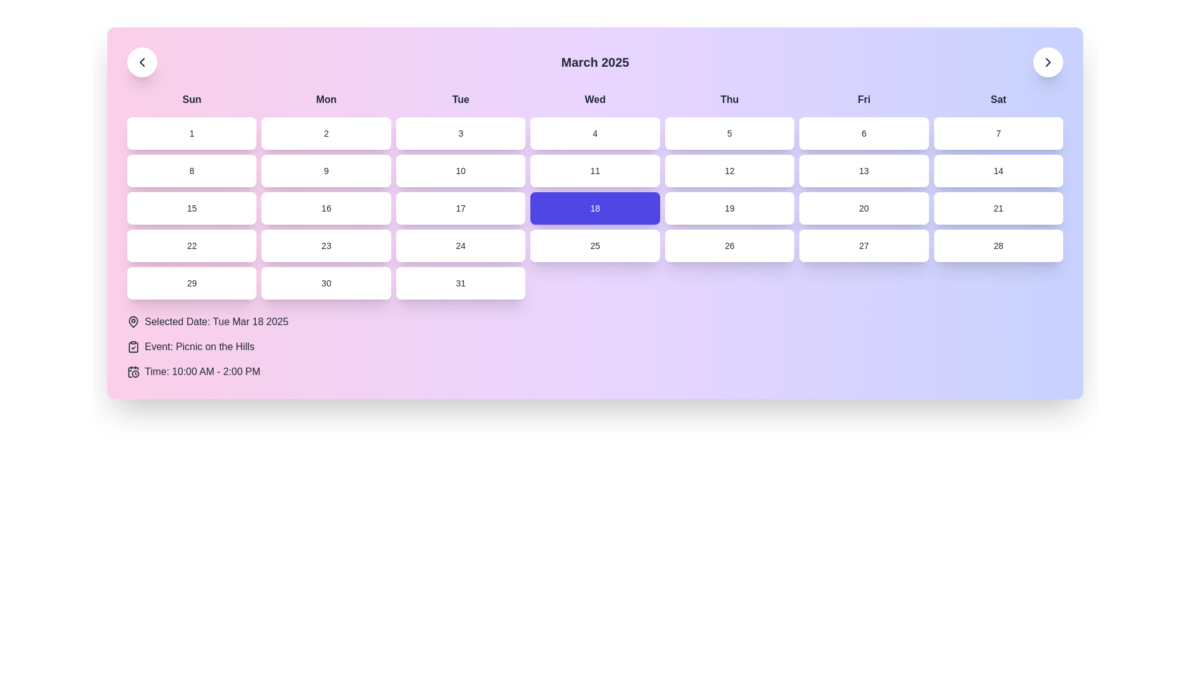  What do you see at coordinates (729, 133) in the screenshot?
I see `the calendar day button labeled '5'` at bounding box center [729, 133].